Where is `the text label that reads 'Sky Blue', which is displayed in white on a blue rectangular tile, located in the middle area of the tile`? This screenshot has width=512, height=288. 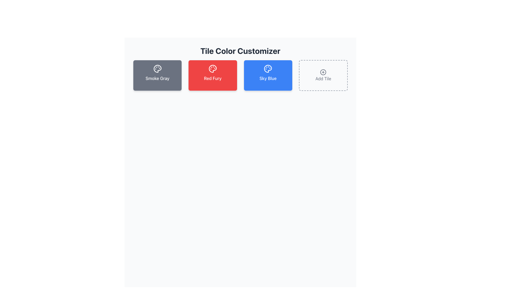
the text label that reads 'Sky Blue', which is displayed in white on a blue rectangular tile, located in the middle area of the tile is located at coordinates (268, 78).